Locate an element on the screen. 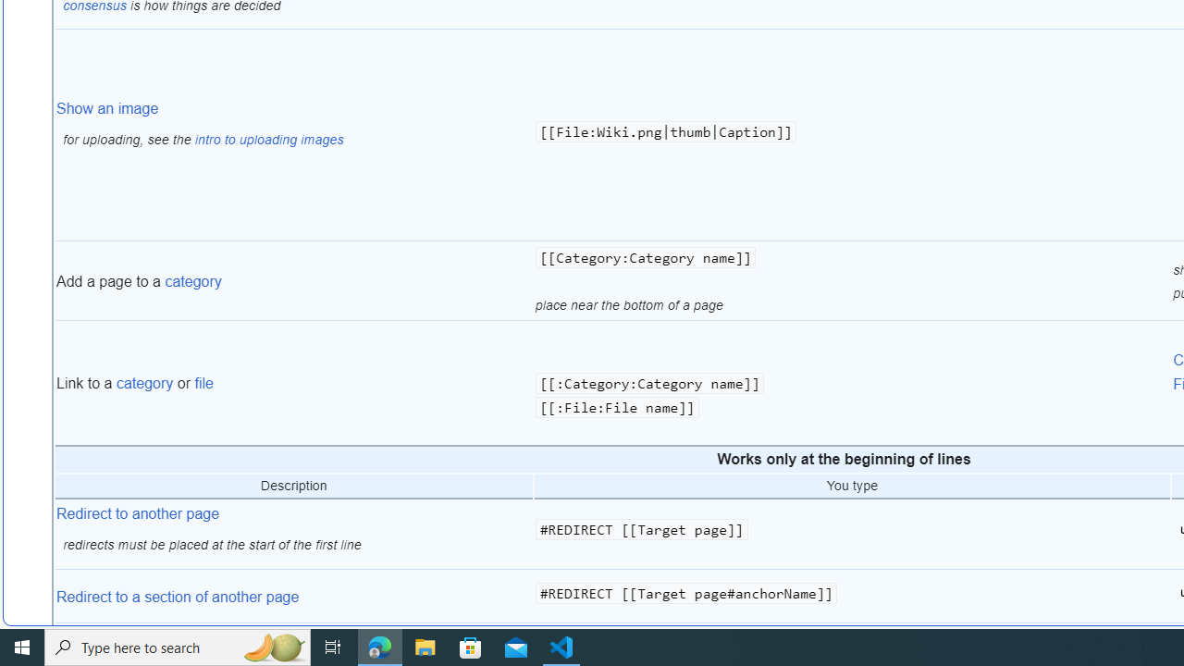  'Description' is located at coordinates (293, 485).